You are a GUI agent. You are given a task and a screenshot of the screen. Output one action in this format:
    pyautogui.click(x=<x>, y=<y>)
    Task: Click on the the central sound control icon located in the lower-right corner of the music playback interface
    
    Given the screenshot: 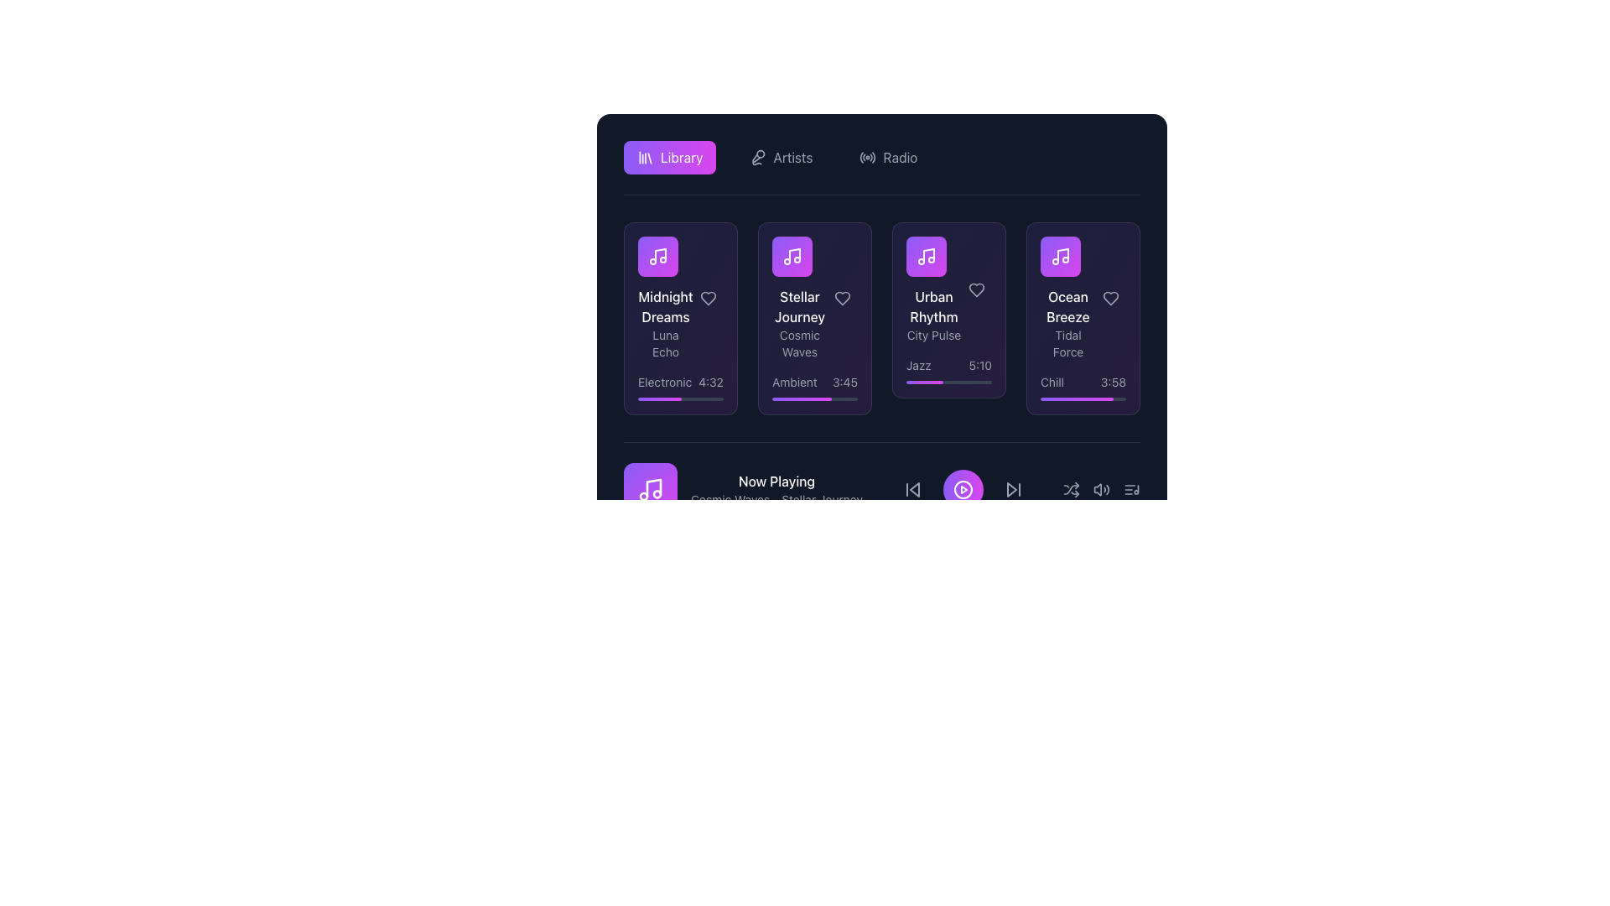 What is the action you would take?
    pyautogui.click(x=1102, y=489)
    